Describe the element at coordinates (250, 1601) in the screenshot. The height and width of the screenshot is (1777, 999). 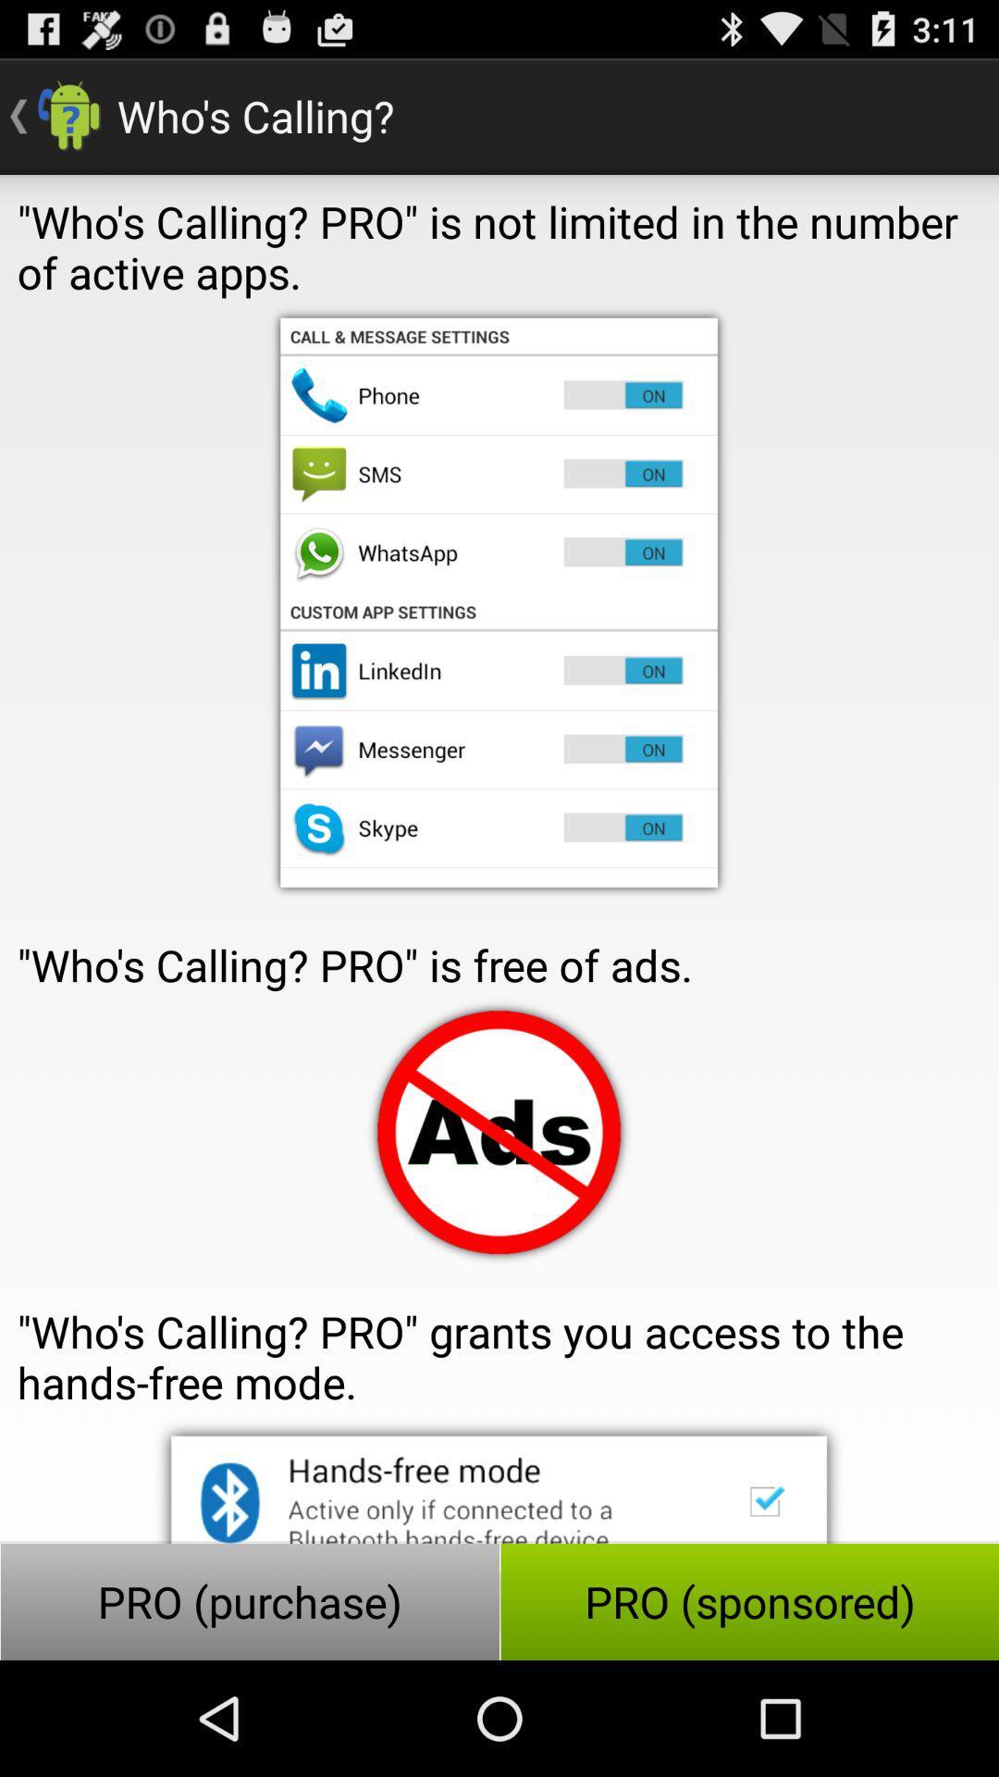
I see `the button at the bottom left corner` at that location.